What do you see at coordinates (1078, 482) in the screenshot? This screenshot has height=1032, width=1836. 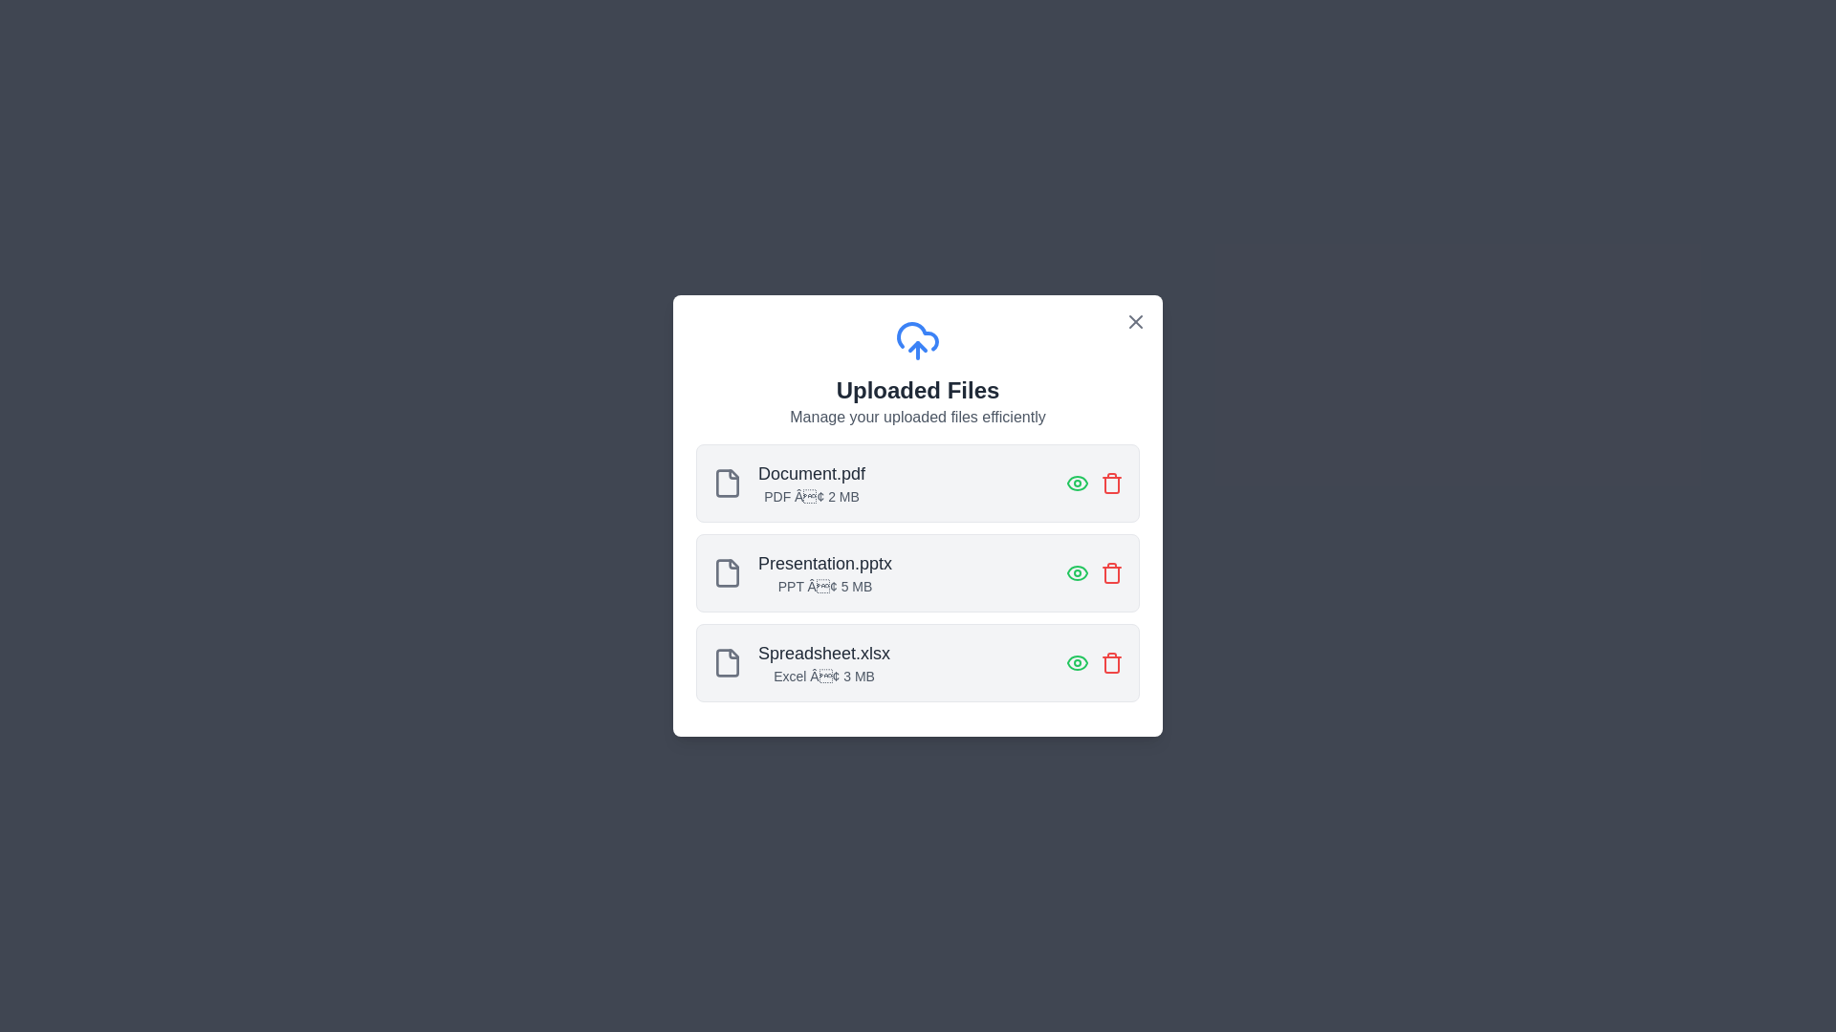 I see `the green eye icon for visibility preview, located to the right of 'Document.pdf' in the uploaded files list` at bounding box center [1078, 482].